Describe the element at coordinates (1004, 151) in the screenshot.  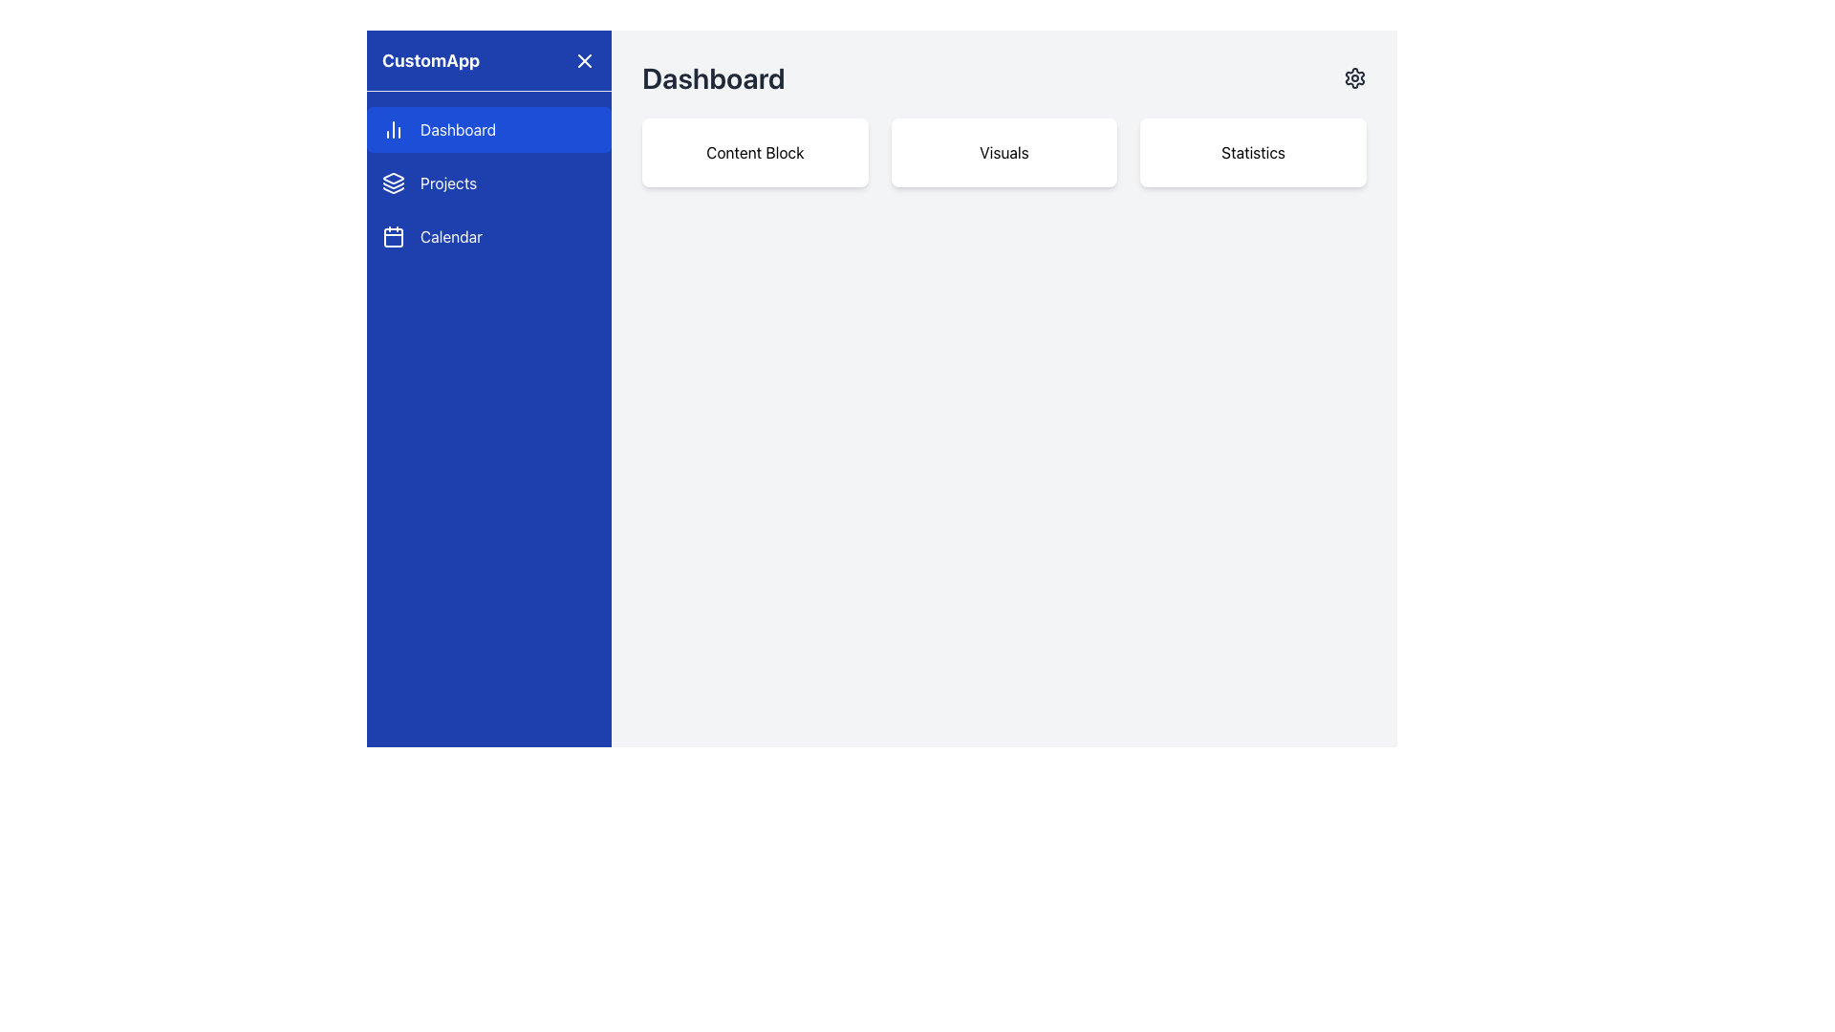
I see `the 'Visuals' block within the grid layout` at that location.